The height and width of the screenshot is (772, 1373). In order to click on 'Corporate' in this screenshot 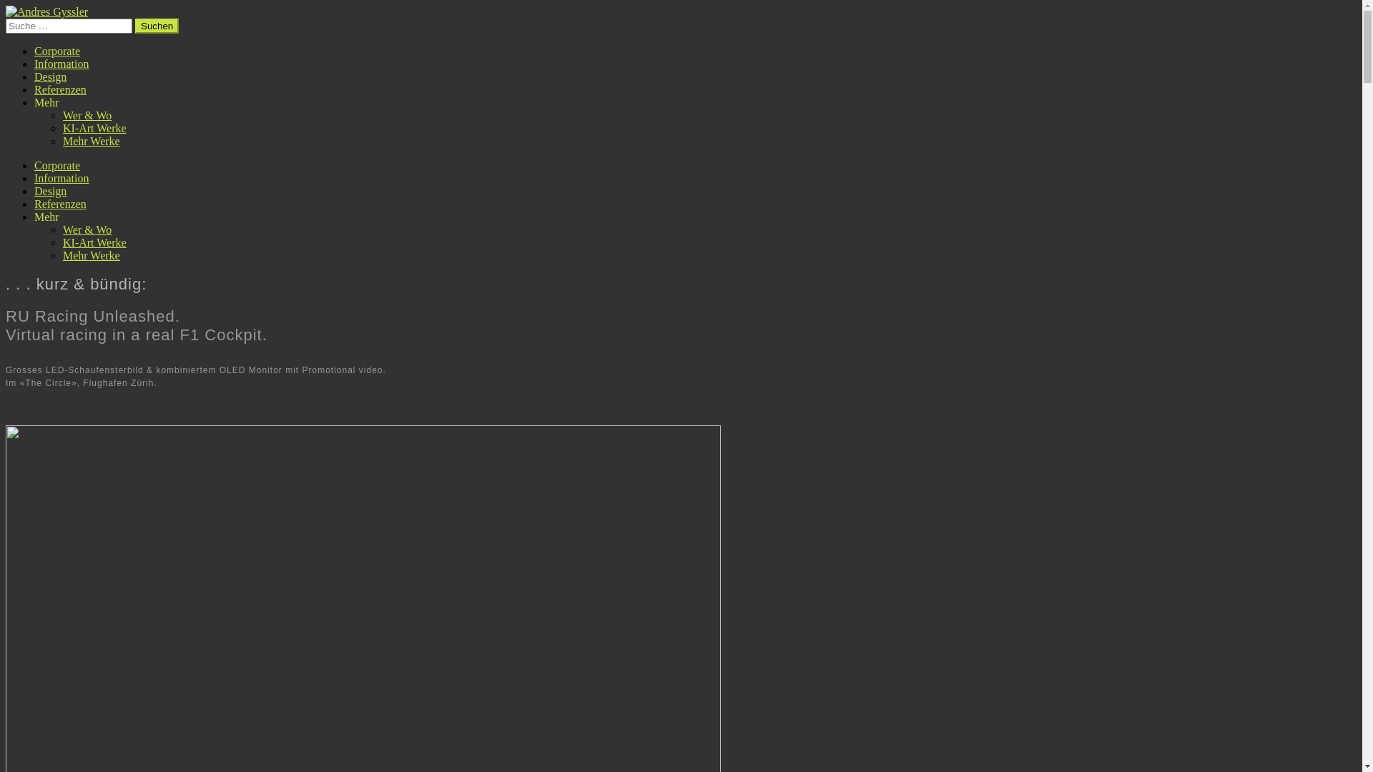, I will do `click(57, 164)`.